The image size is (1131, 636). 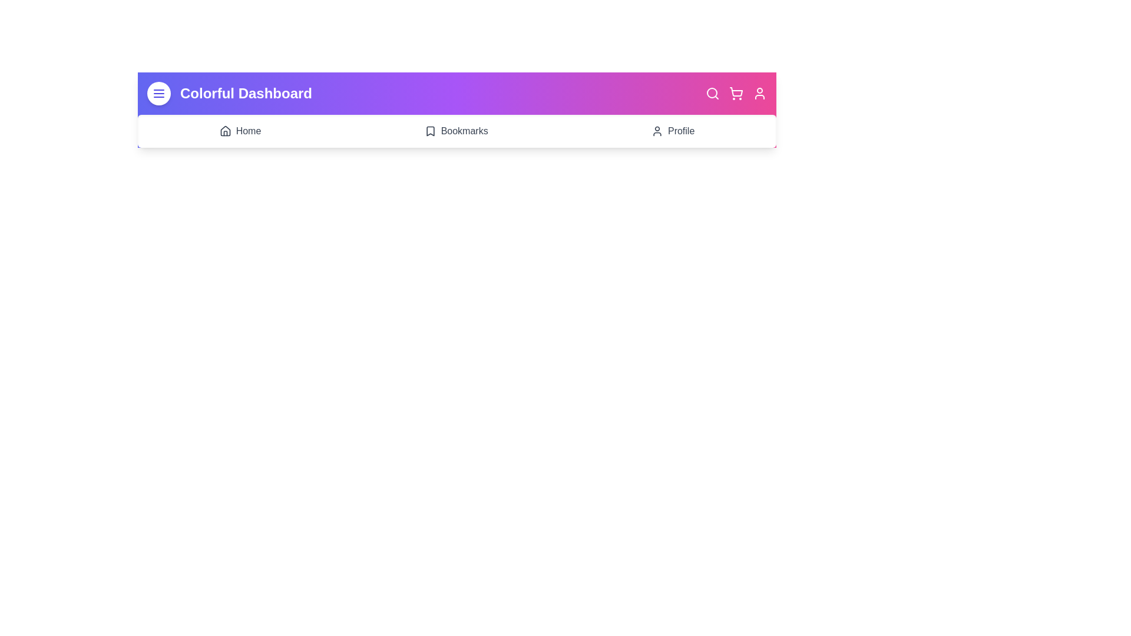 What do you see at coordinates (158, 92) in the screenshot?
I see `the menu button to toggle the menu visibility` at bounding box center [158, 92].